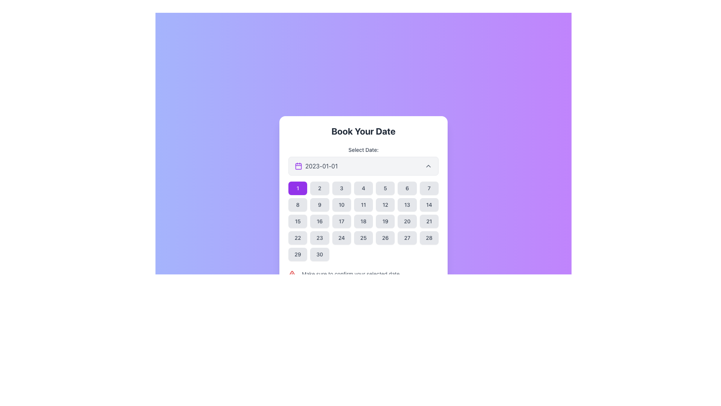 The image size is (721, 406). I want to click on the centered, bold text label displaying 'Book Your Date' at the top of the card-like structure, so click(364, 130).